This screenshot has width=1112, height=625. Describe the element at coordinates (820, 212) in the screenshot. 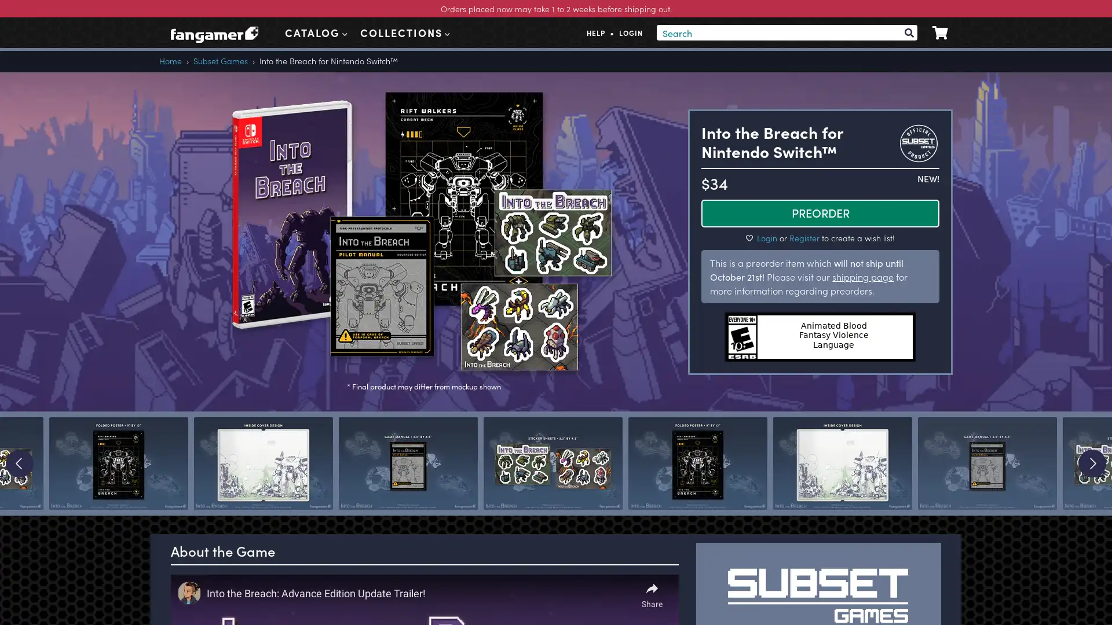

I see `Preorder` at that location.